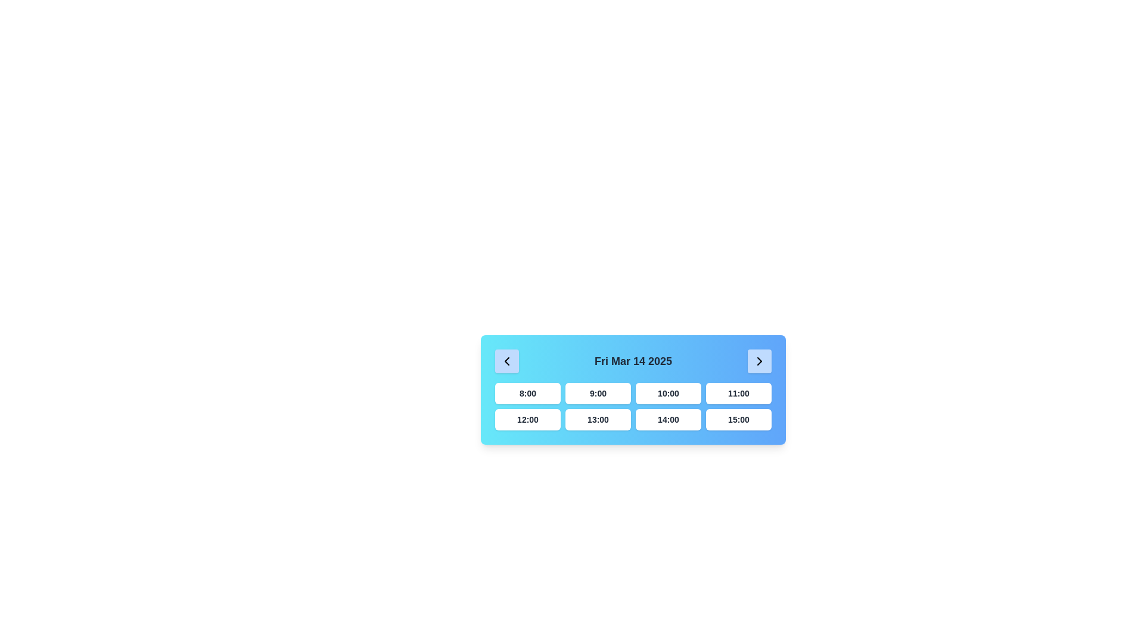 This screenshot has width=1144, height=643. I want to click on the rectangular button labeled '14:00' with a bold black font, located in the second row and third column of a 4x2 grid below the title bar 'Fri Mar 14 2025', so click(669, 419).